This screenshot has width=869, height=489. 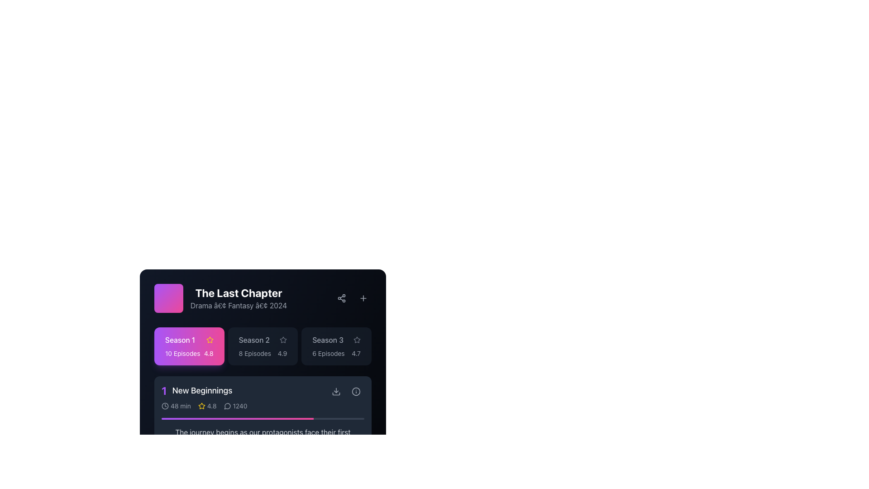 I want to click on the header element that introduces 'The Last Chapter' which is located above the Season buttons, so click(x=262, y=298).